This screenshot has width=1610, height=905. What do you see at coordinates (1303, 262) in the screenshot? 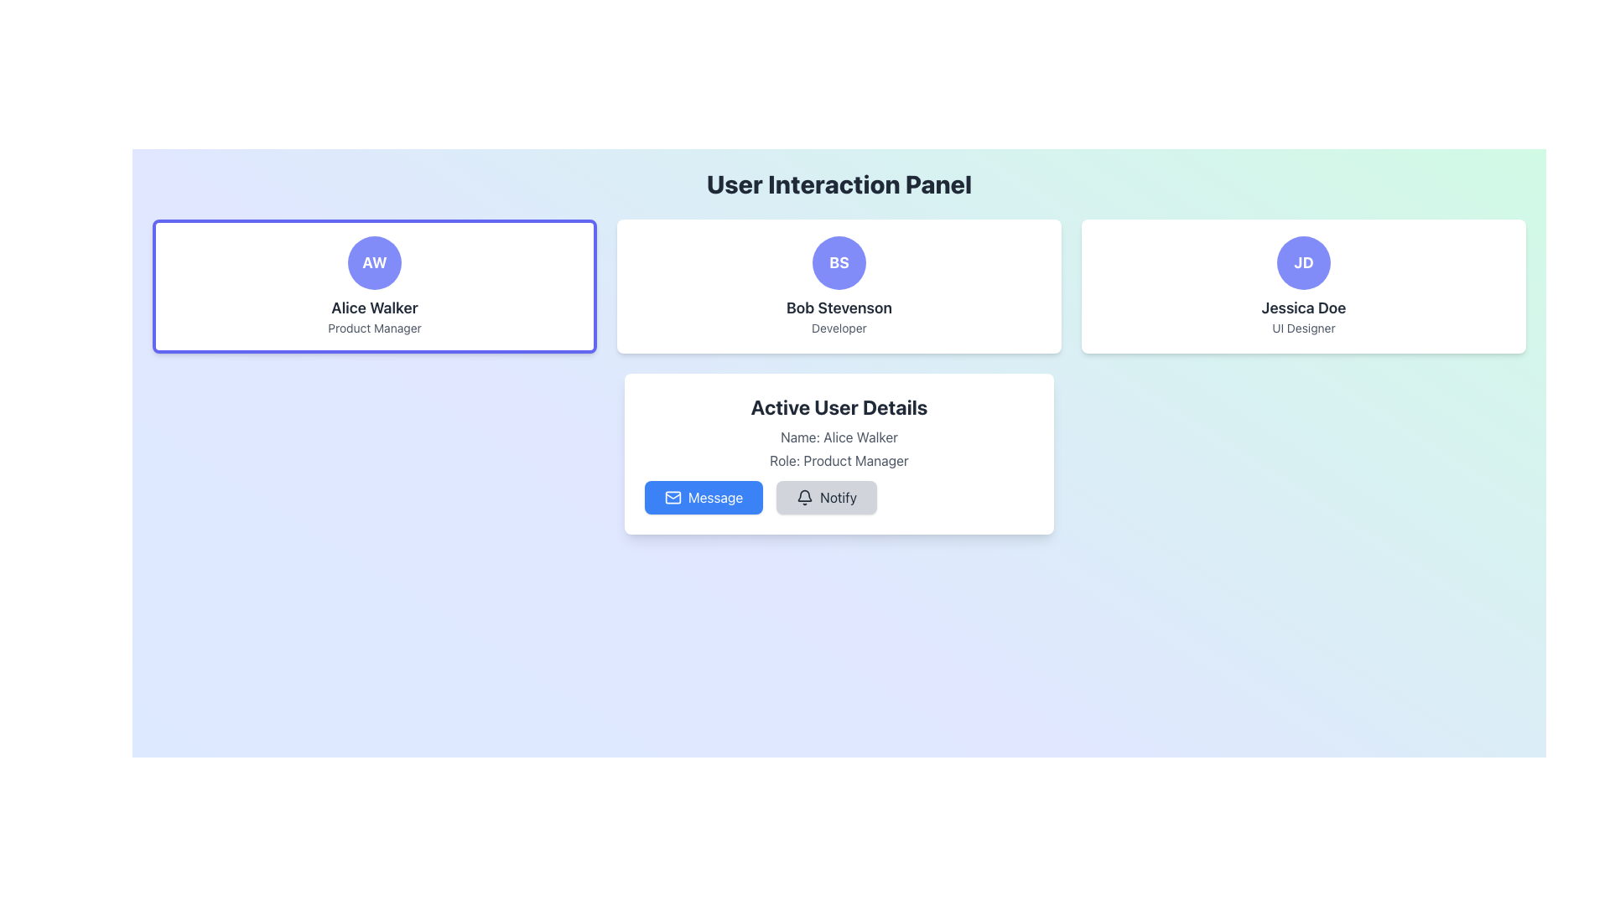
I see `the Profile Avatar, a circular element with a purple background and white text 'JD', located in the top-right user card for 'Jessica Doe'` at bounding box center [1303, 262].